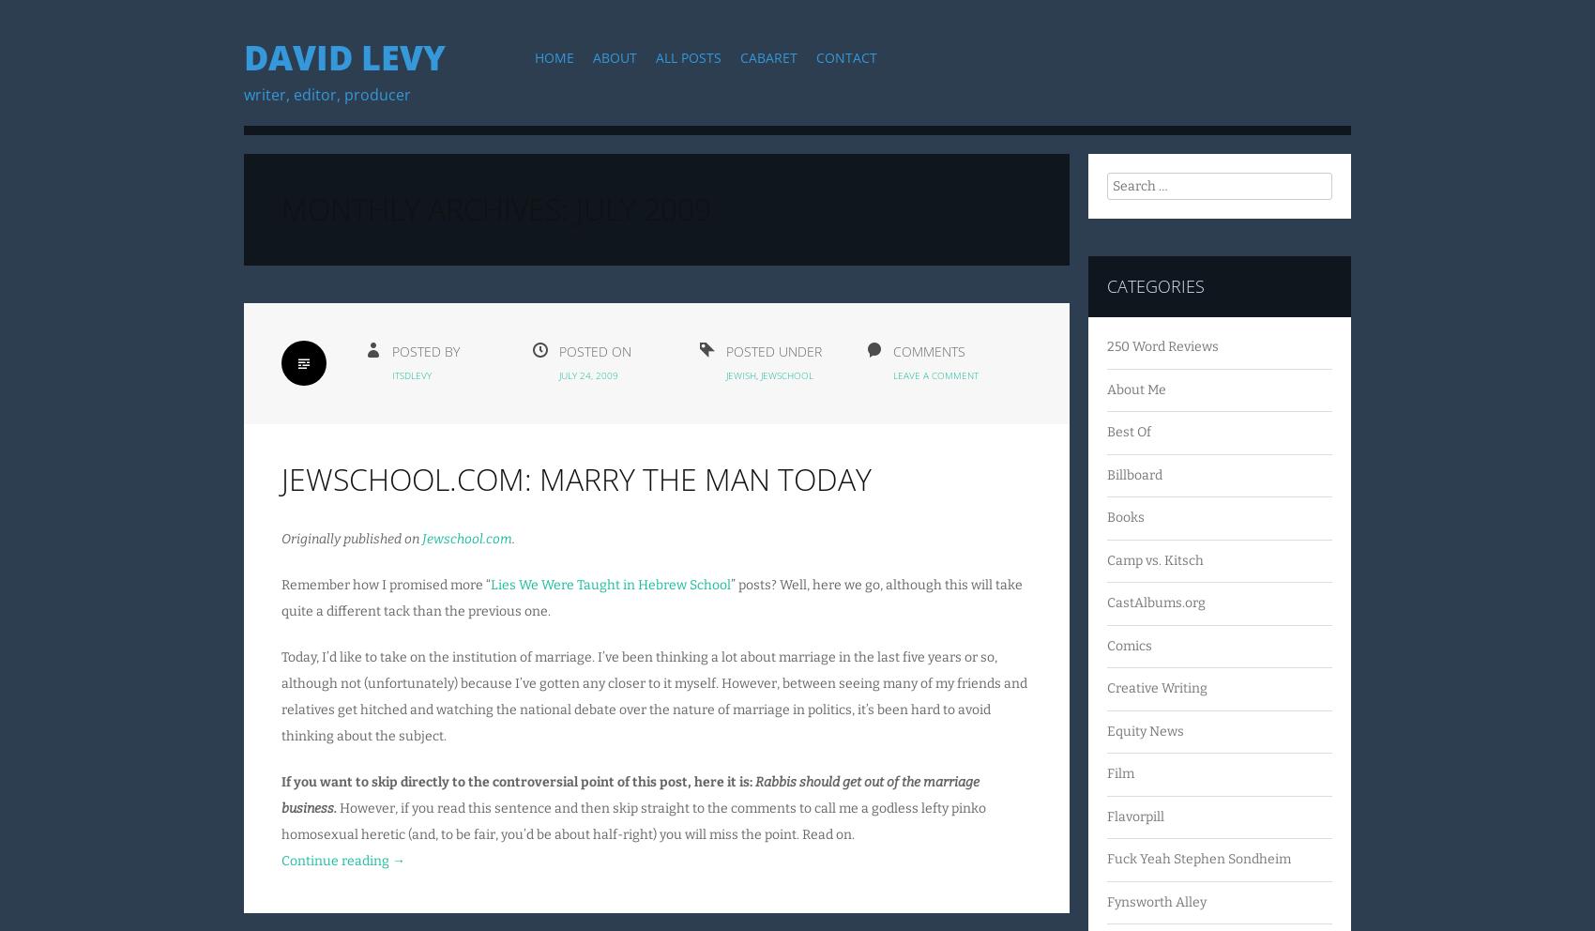 The image size is (1595, 931). I want to click on '250 Word Reviews', so click(1162, 345).